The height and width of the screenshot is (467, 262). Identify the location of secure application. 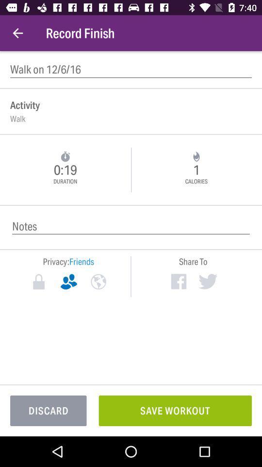
(38, 282).